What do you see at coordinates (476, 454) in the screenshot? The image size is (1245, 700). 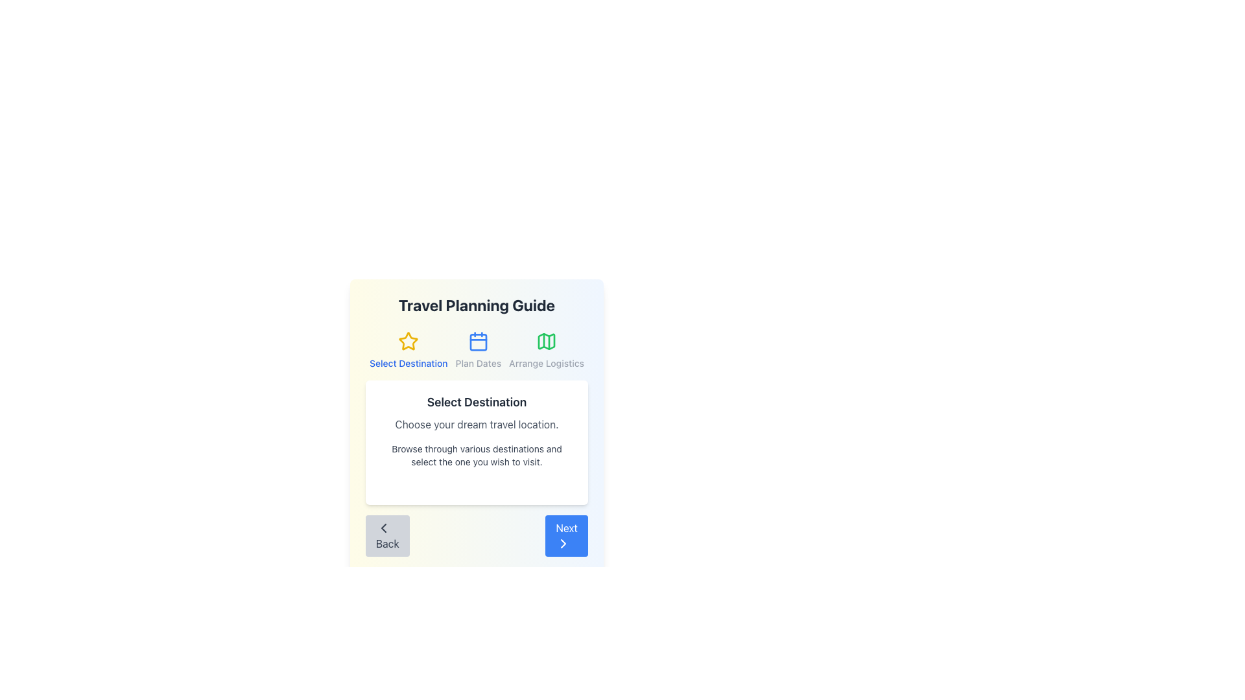 I see `the descriptive text element that provides information about browsing and selecting travel destinations, located below the 'Choose your dream travel location.' text` at bounding box center [476, 454].